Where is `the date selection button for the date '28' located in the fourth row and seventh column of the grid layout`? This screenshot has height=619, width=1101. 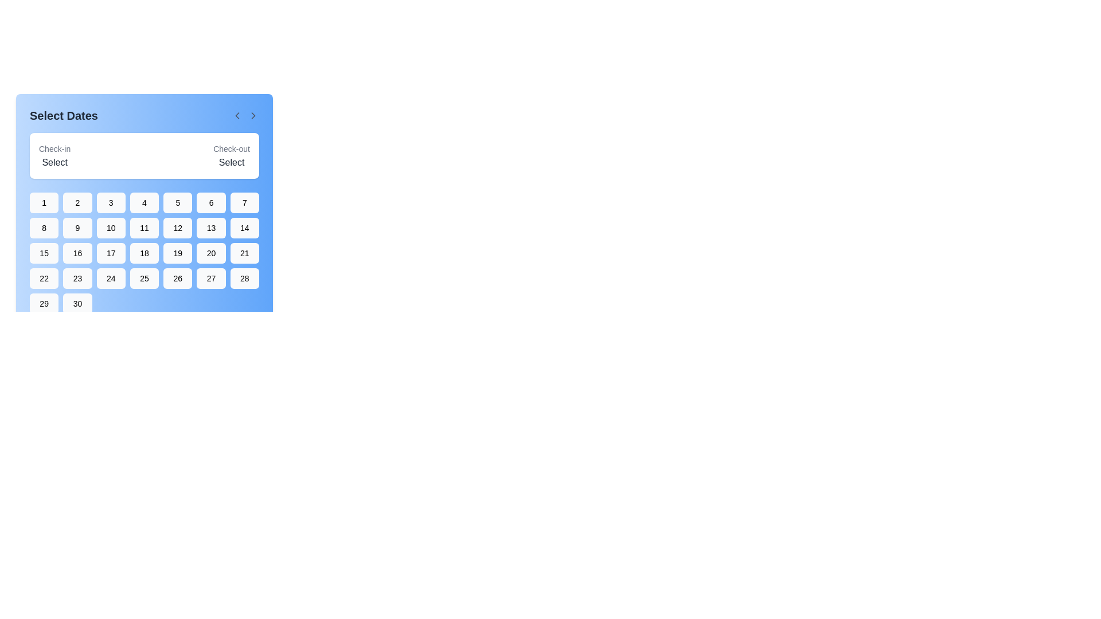 the date selection button for the date '28' located in the fourth row and seventh column of the grid layout is located at coordinates (244, 279).